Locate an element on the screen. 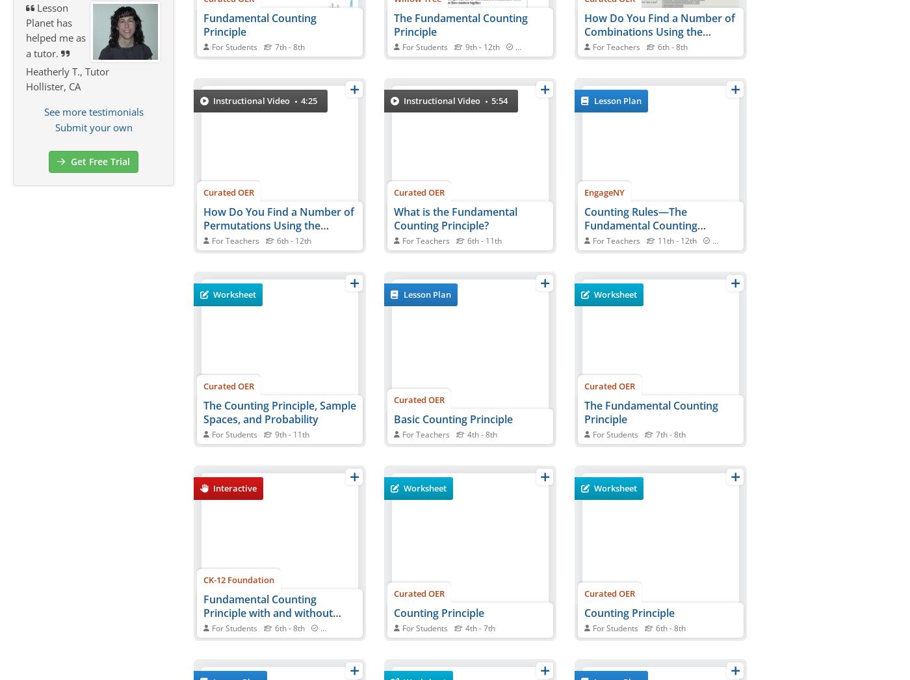 The width and height of the screenshot is (910, 680). '6th - 12th' is located at coordinates (294, 241).